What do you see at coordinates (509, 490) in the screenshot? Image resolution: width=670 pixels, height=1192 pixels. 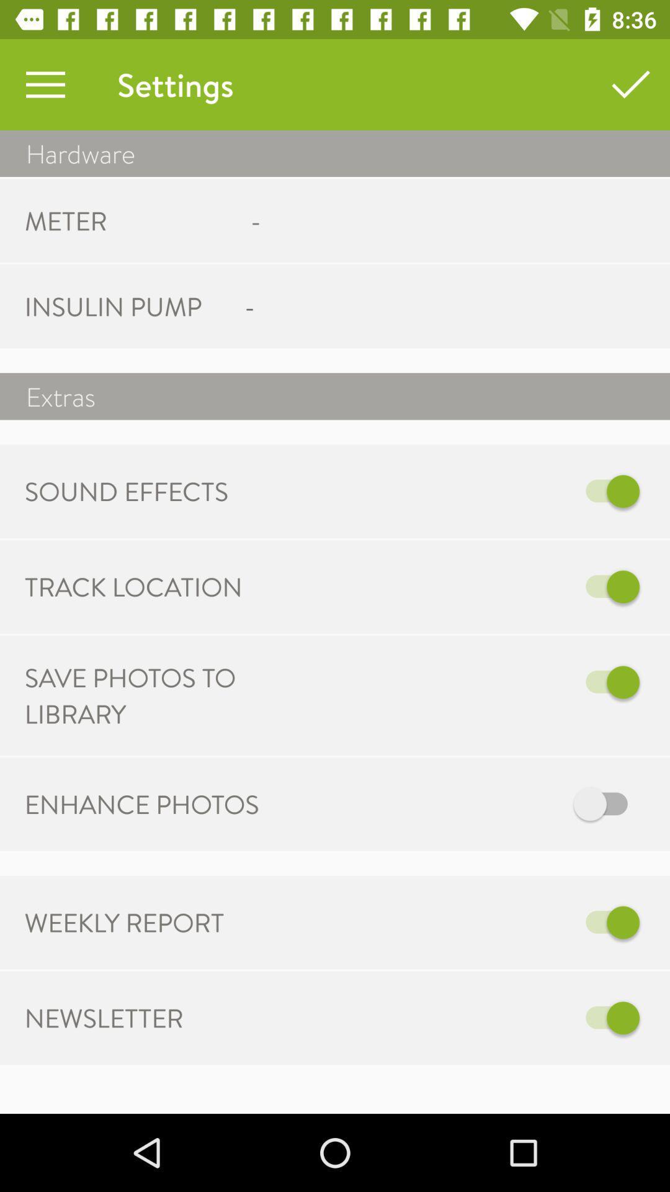 I see `icon next to sound effects` at bounding box center [509, 490].